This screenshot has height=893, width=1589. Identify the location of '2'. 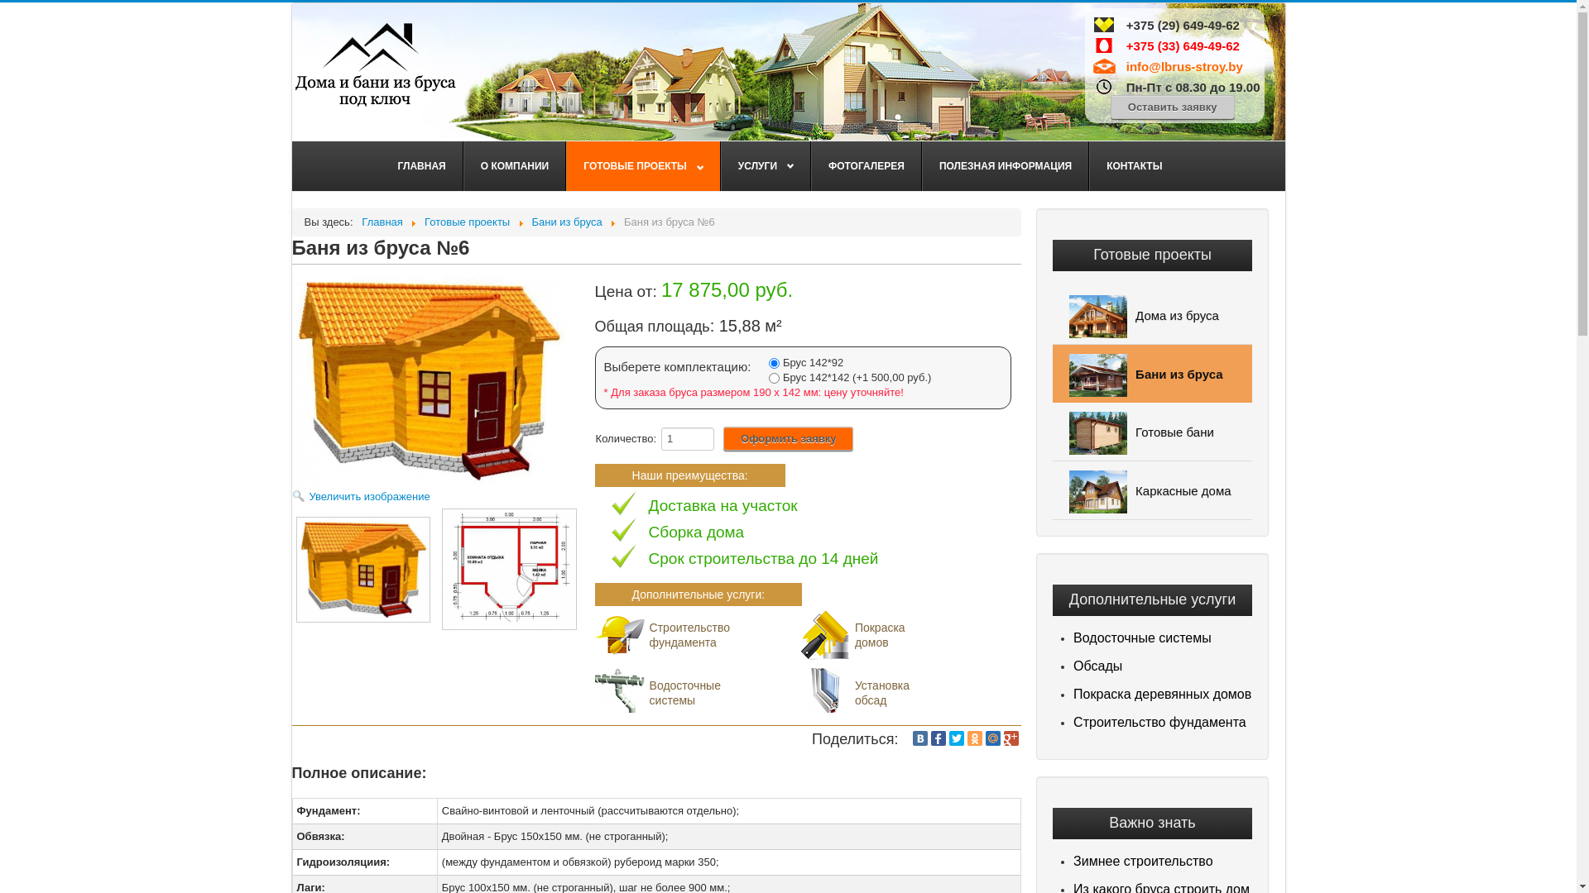
(773, 378).